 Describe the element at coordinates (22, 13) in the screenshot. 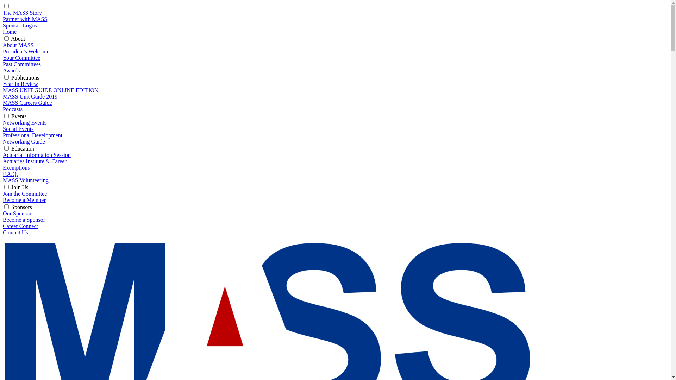

I see `'The MASS Story'` at that location.